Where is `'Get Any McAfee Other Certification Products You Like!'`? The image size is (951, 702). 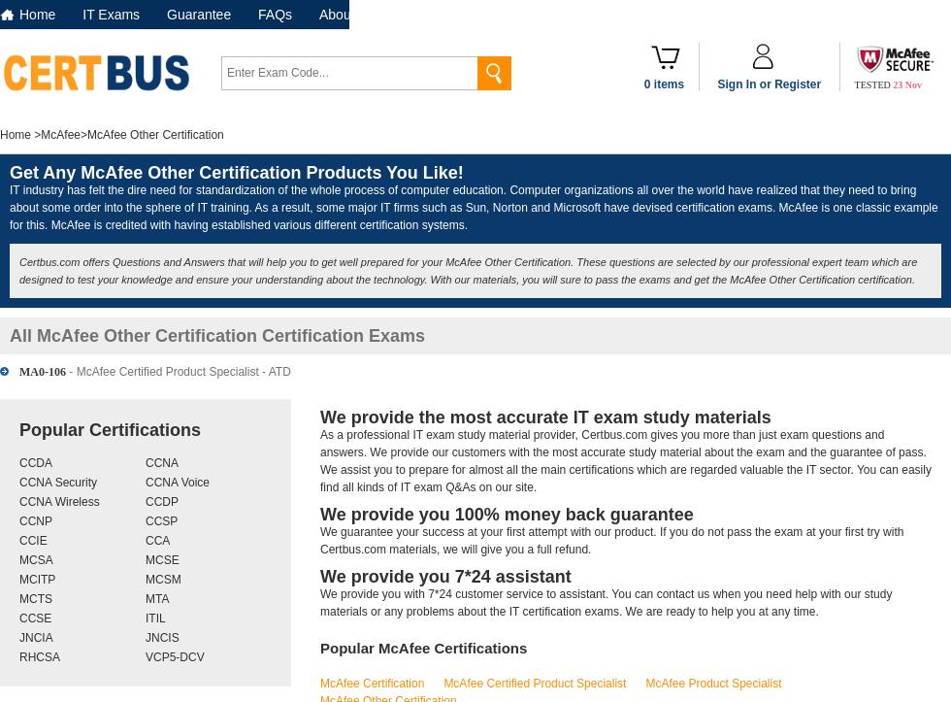
'Get Any McAfee Other Certification Products You Like!' is located at coordinates (236, 173).